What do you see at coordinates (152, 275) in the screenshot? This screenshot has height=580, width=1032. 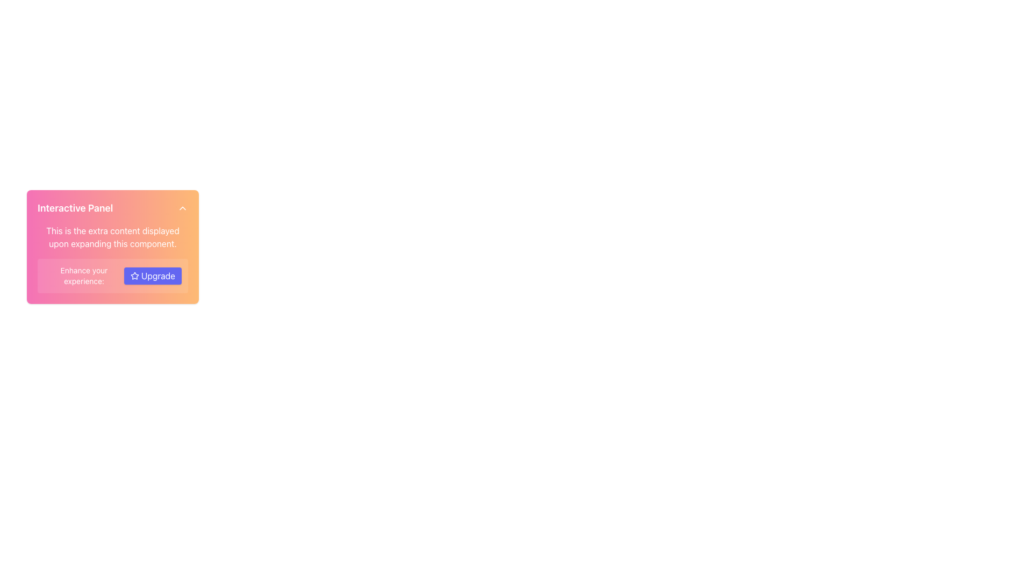 I see `the 'Upgrade' button with a blue background and a star icon` at bounding box center [152, 275].